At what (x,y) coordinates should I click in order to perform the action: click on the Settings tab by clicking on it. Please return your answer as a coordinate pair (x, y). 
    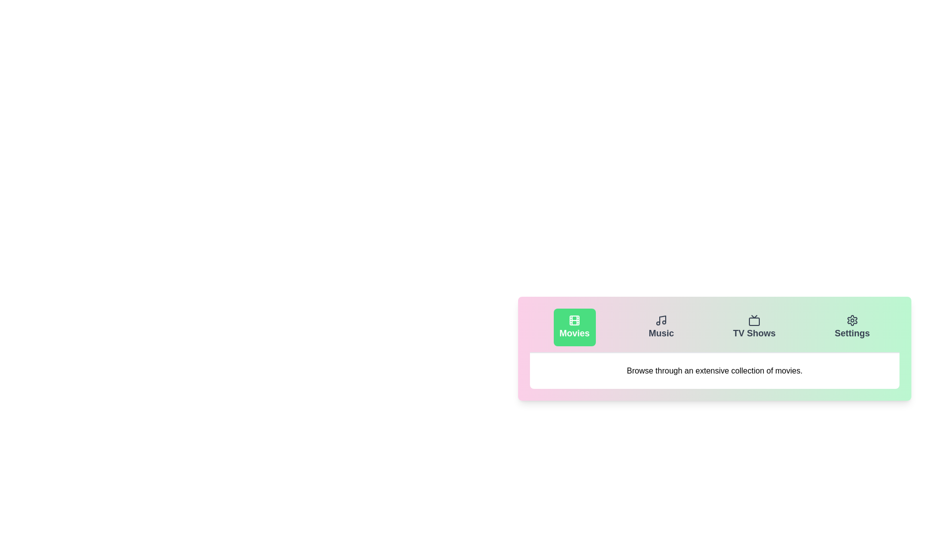
    Looking at the image, I should click on (851, 327).